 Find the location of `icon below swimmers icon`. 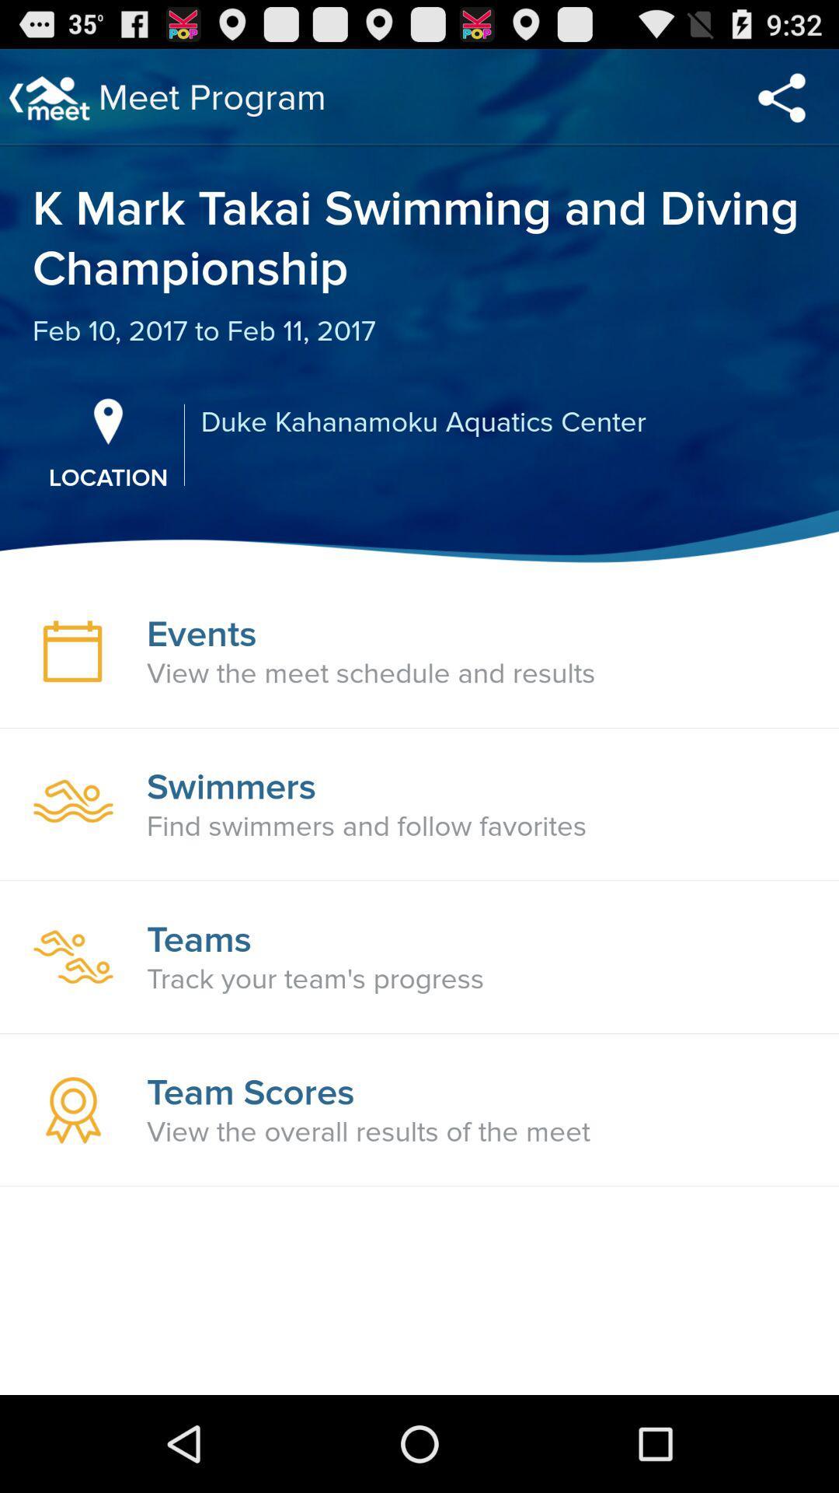

icon below swimmers icon is located at coordinates (367, 826).